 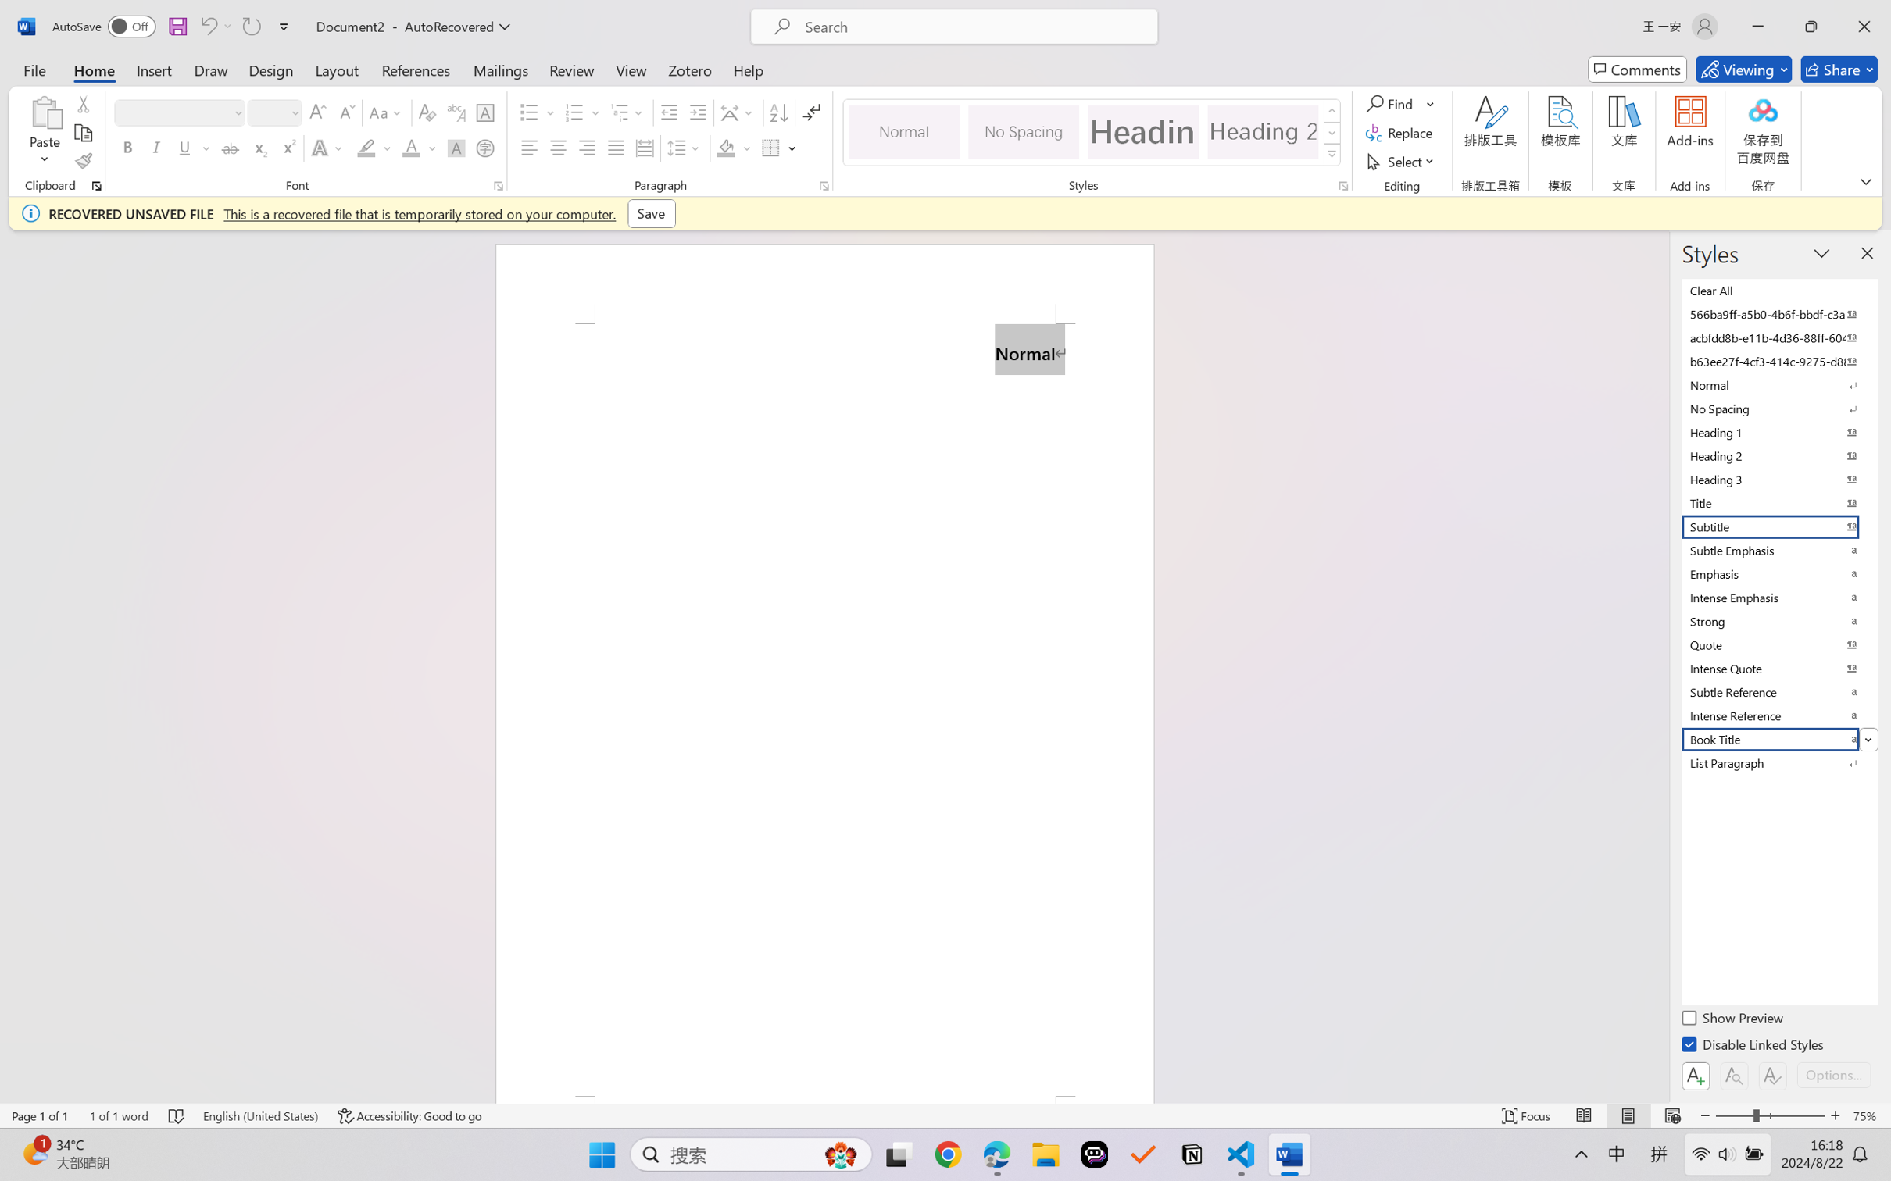 What do you see at coordinates (1403, 162) in the screenshot?
I see `'Select'` at bounding box center [1403, 162].